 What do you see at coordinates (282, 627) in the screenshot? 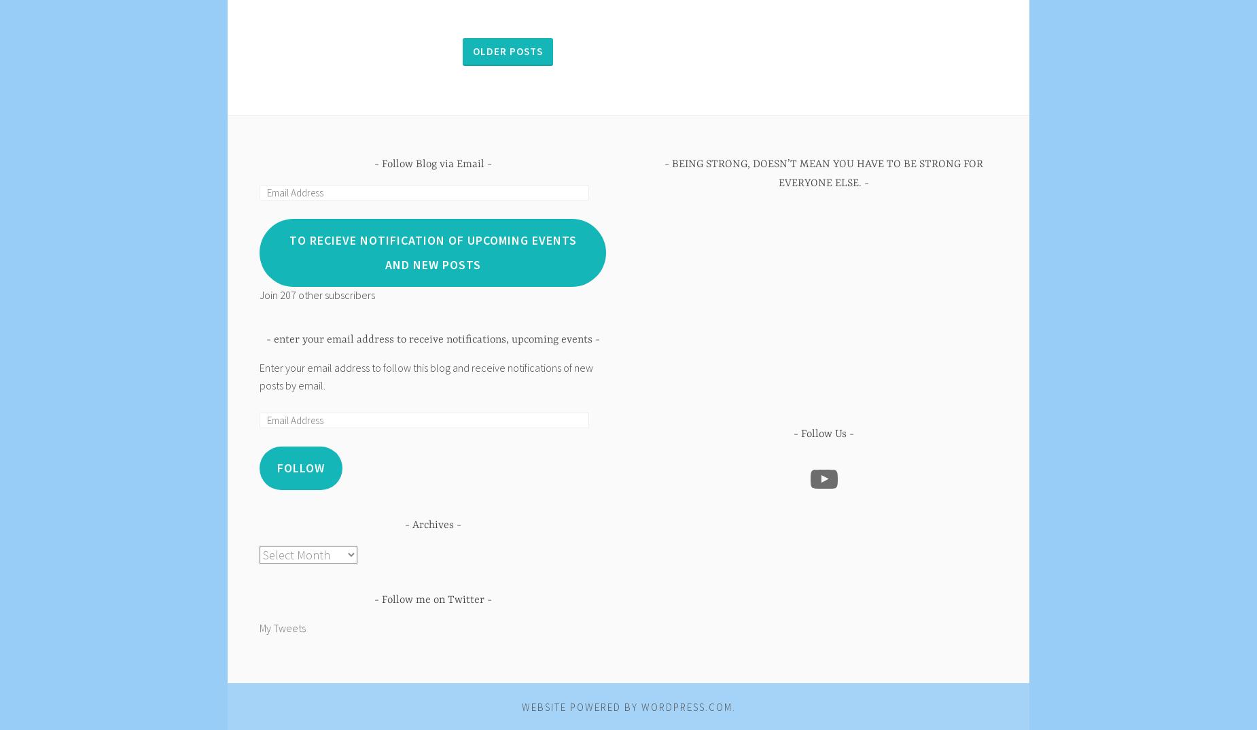
I see `'My Tweets'` at bounding box center [282, 627].